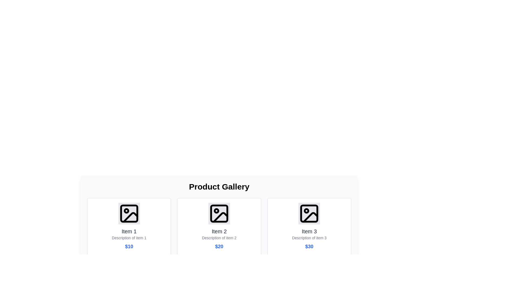  I want to click on the decorative part of the icon representing 'Item 1' in the 'Product Gallery' section, which is a non-interactive graphical decoration located at the upper-left corner of the icon, so click(129, 213).